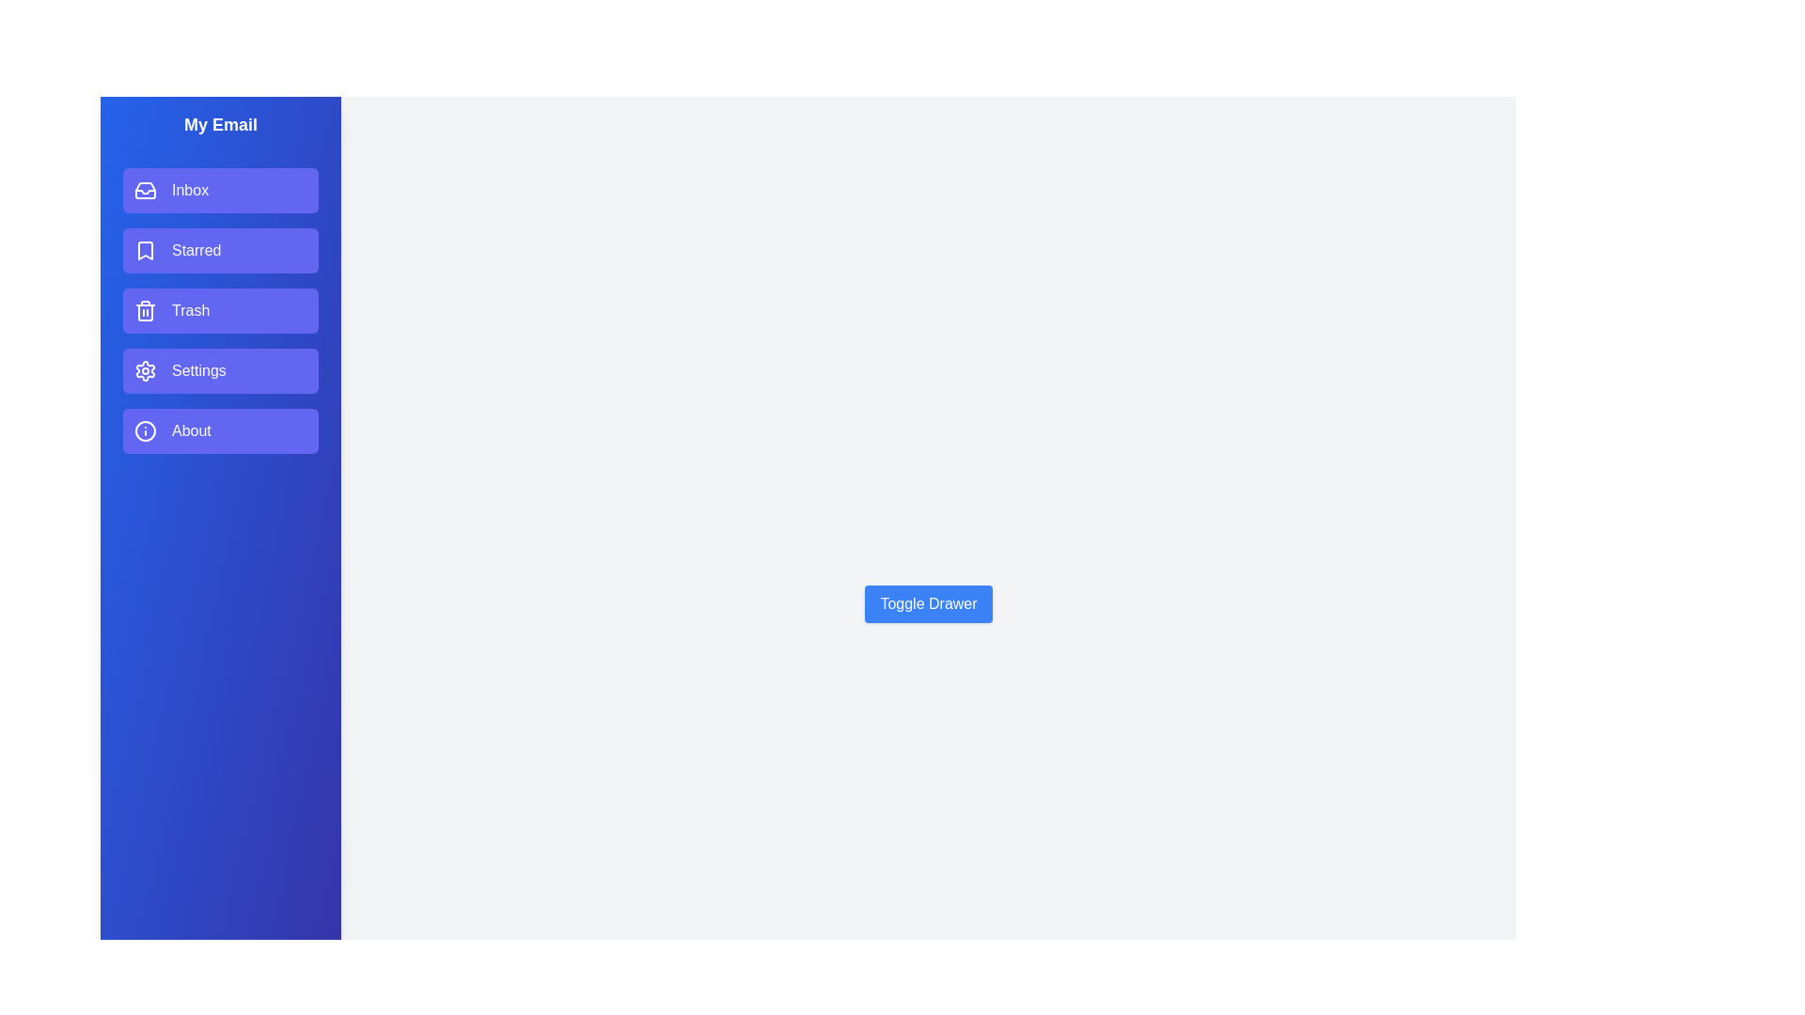 This screenshot has width=1805, height=1015. Describe the element at coordinates (221, 310) in the screenshot. I see `the email section item Trash` at that location.